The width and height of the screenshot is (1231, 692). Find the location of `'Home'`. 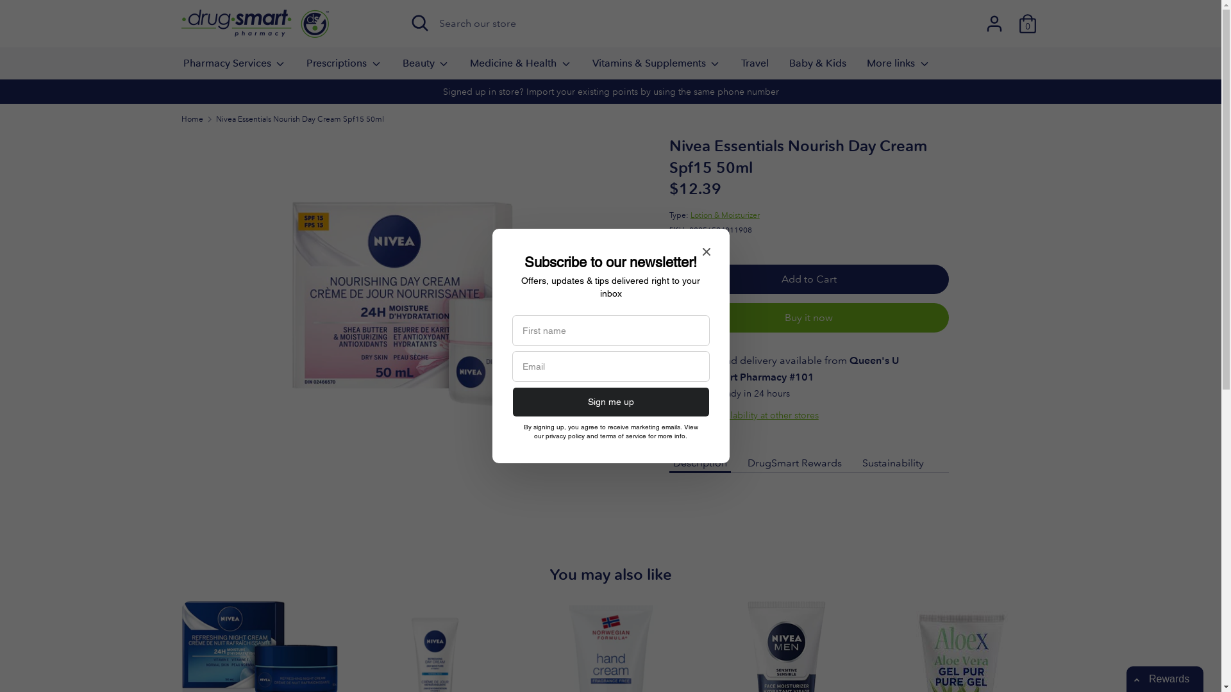

'Home' is located at coordinates (190, 119).